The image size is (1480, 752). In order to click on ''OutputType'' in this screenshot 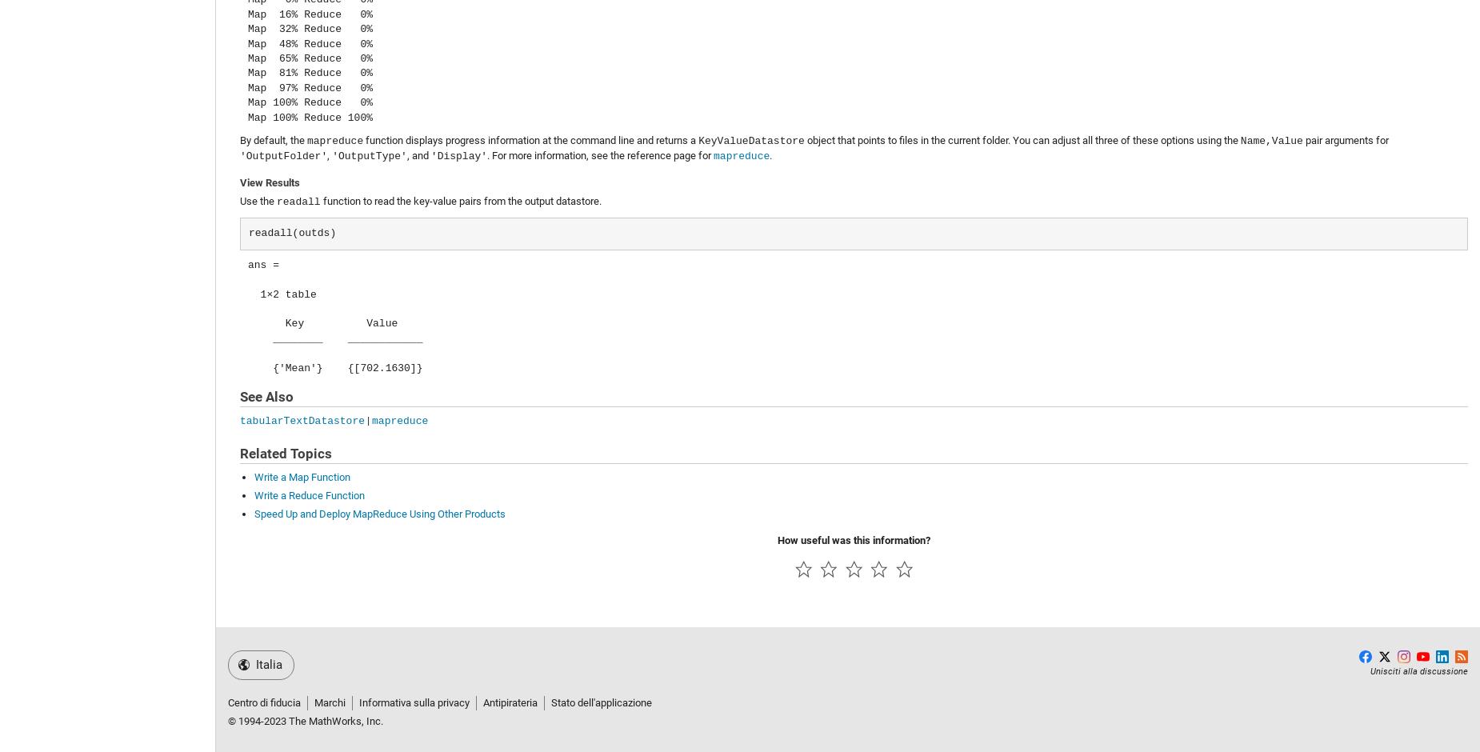, I will do `click(330, 156)`.